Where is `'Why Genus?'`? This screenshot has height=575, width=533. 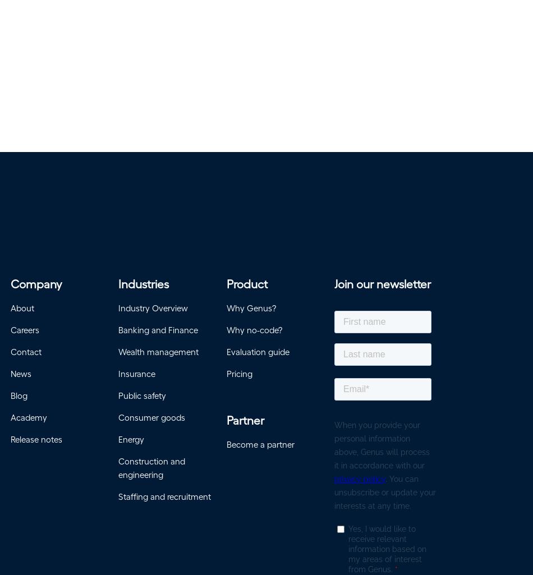
'Why Genus?' is located at coordinates (250, 311).